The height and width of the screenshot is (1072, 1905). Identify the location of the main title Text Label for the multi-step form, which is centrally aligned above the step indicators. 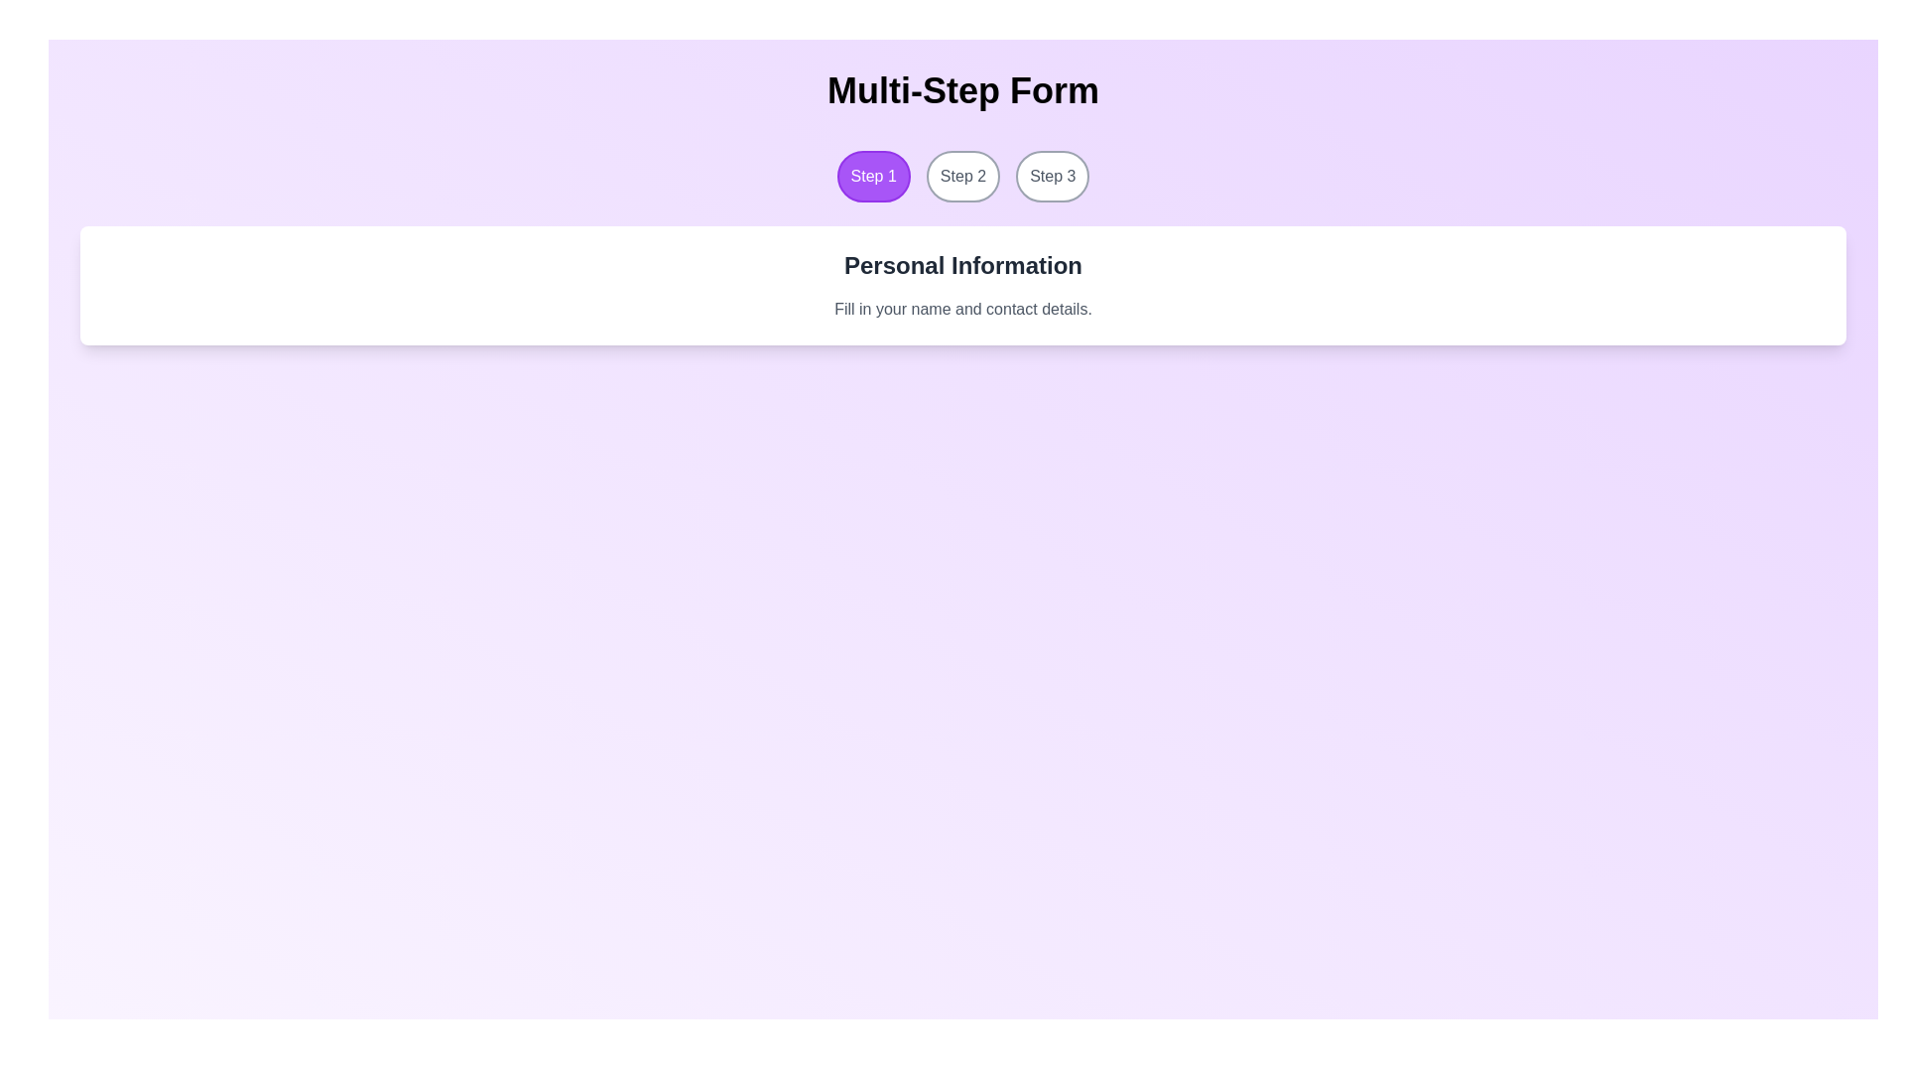
(962, 91).